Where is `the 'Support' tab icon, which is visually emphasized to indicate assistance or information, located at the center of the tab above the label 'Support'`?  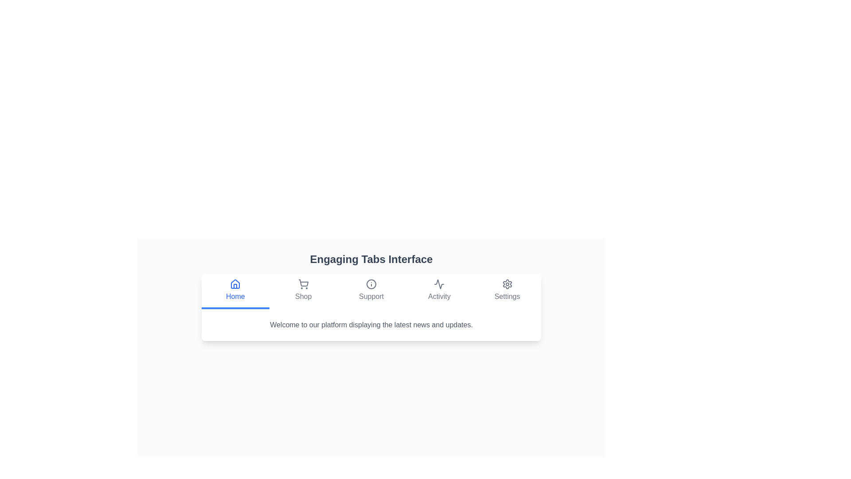
the 'Support' tab icon, which is visually emphasized to indicate assistance or information, located at the center of the tab above the label 'Support' is located at coordinates (371, 284).